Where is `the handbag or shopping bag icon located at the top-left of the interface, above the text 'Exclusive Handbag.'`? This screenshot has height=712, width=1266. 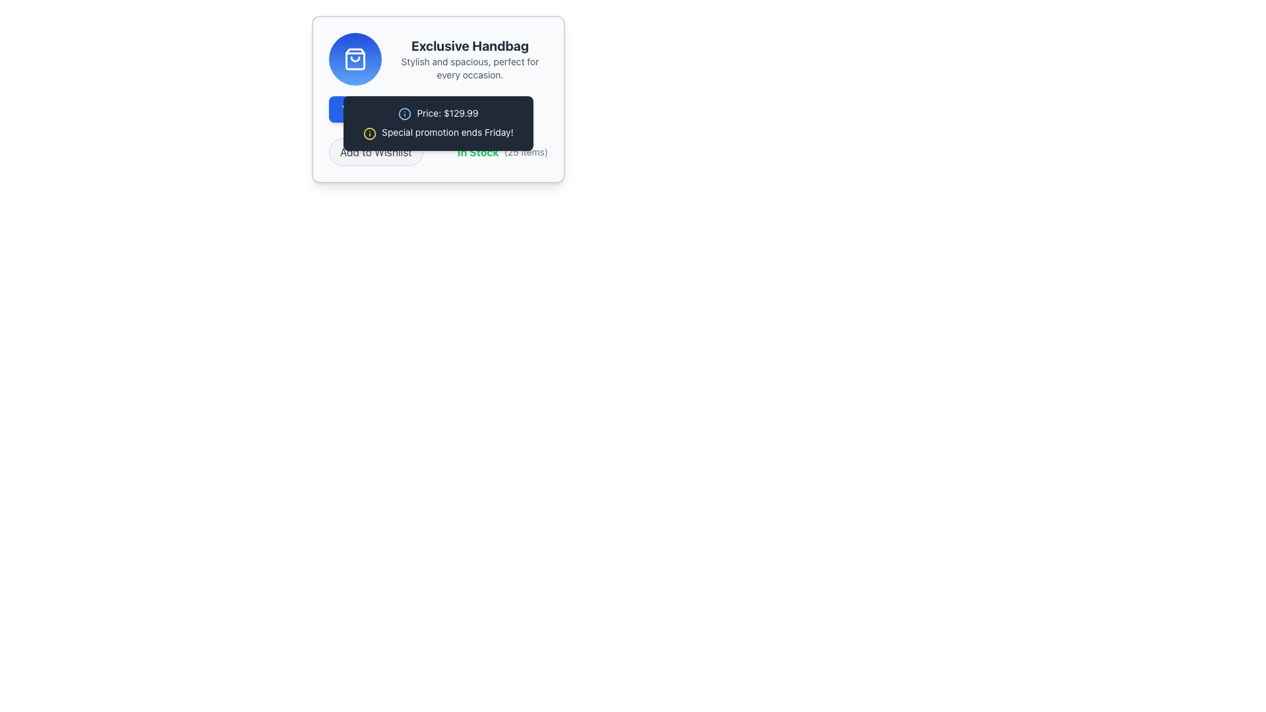 the handbag or shopping bag icon located at the top-left of the interface, above the text 'Exclusive Handbag.' is located at coordinates (355, 58).